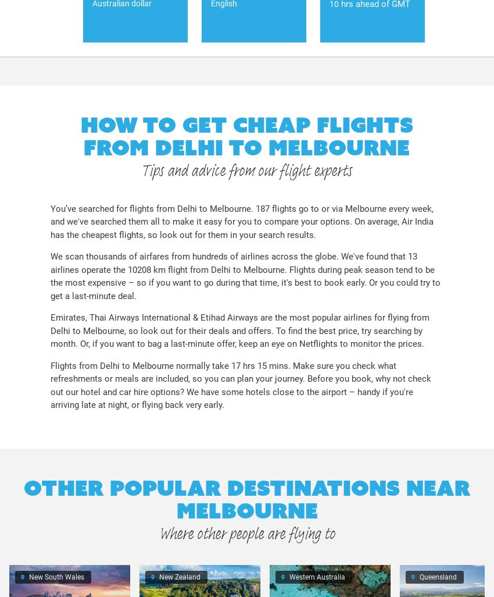  Describe the element at coordinates (246, 136) in the screenshot. I see `'How to get cheap flights from Delhi to Melbourne'` at that location.